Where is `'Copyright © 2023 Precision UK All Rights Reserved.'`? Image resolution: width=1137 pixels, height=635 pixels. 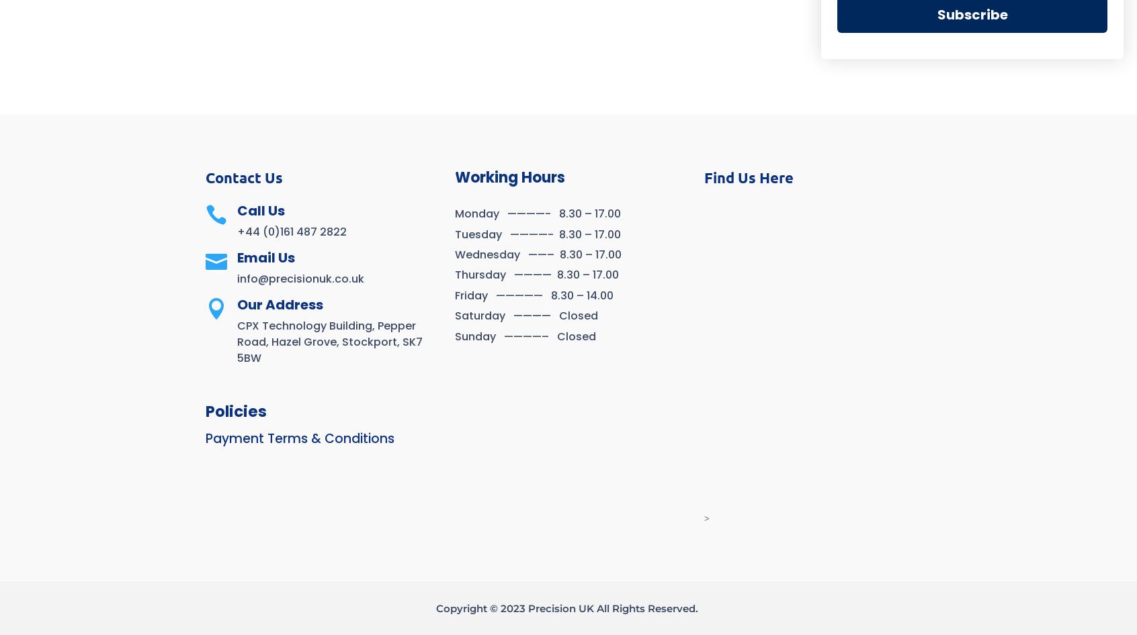 'Copyright © 2023 Precision UK All Rights Reserved.' is located at coordinates (436, 607).